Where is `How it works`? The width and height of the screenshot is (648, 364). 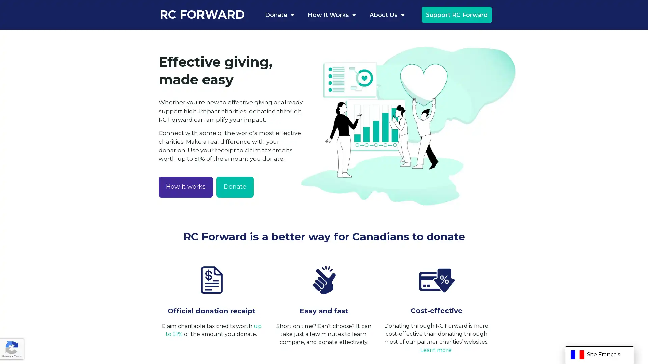
How it works is located at coordinates (186, 187).